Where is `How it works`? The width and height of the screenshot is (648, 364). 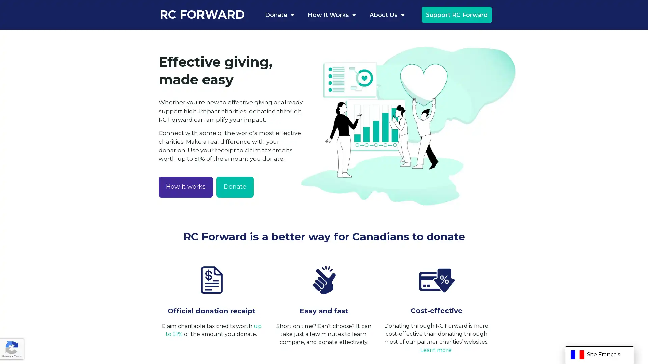
How it works is located at coordinates (186, 187).